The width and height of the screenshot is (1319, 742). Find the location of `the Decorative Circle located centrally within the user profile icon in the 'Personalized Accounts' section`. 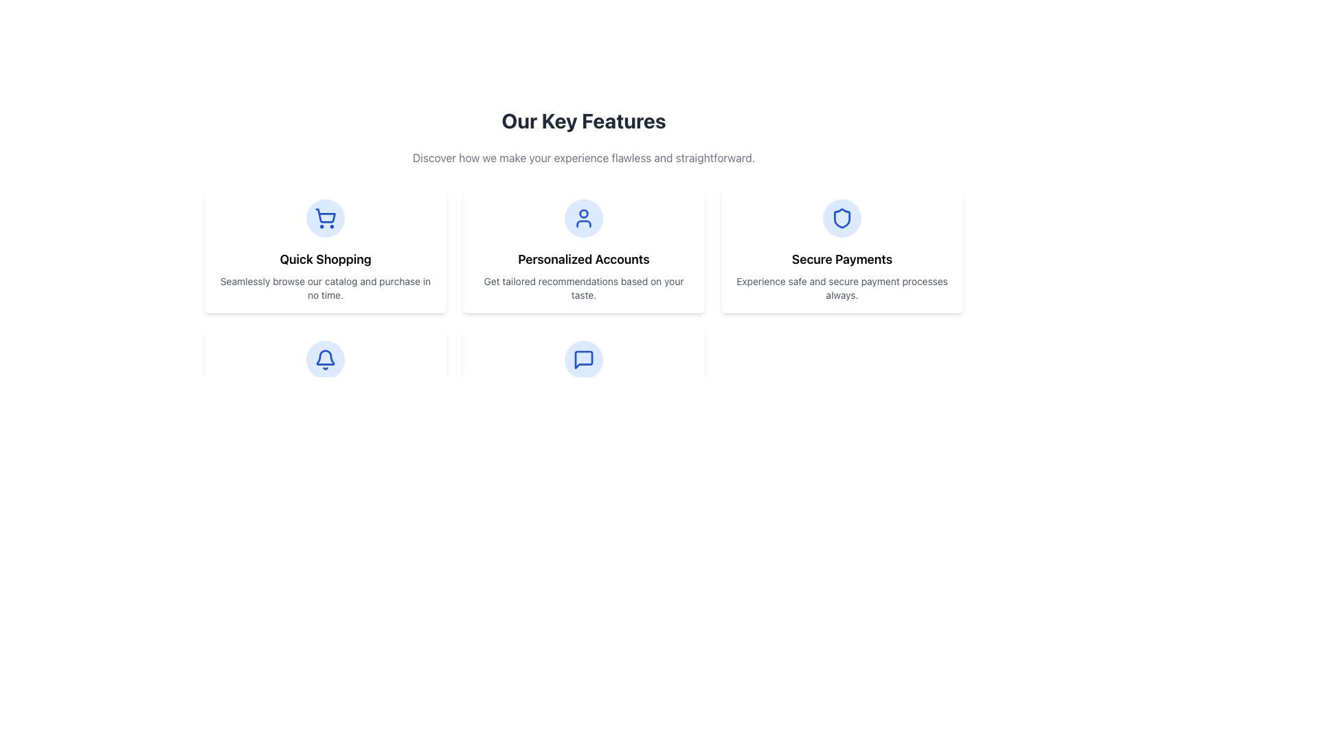

the Decorative Circle located centrally within the user profile icon in the 'Personalized Accounts' section is located at coordinates (583, 214).